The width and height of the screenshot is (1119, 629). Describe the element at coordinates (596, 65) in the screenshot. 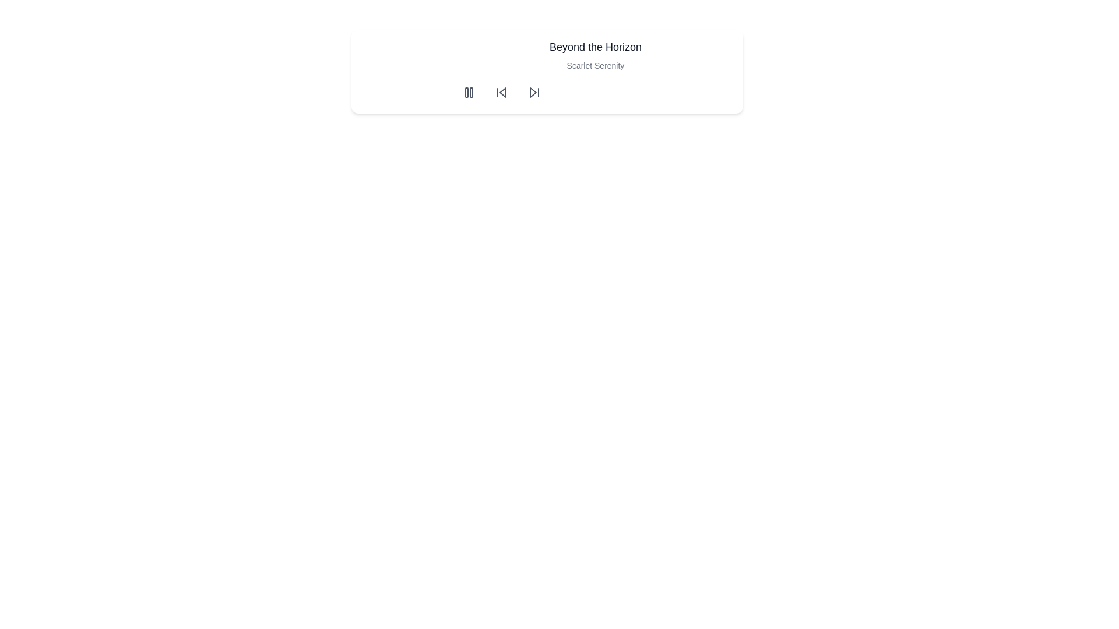

I see `the text label located below the title 'Beyond the Horizon', which serves as a subtitle or detail, by clicking on its center` at that location.